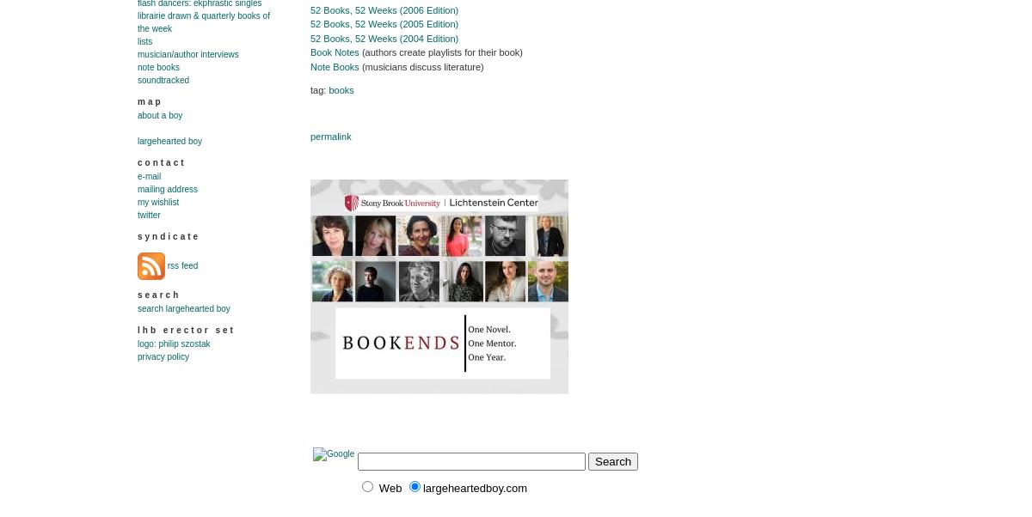  What do you see at coordinates (144, 41) in the screenshot?
I see `'Lists'` at bounding box center [144, 41].